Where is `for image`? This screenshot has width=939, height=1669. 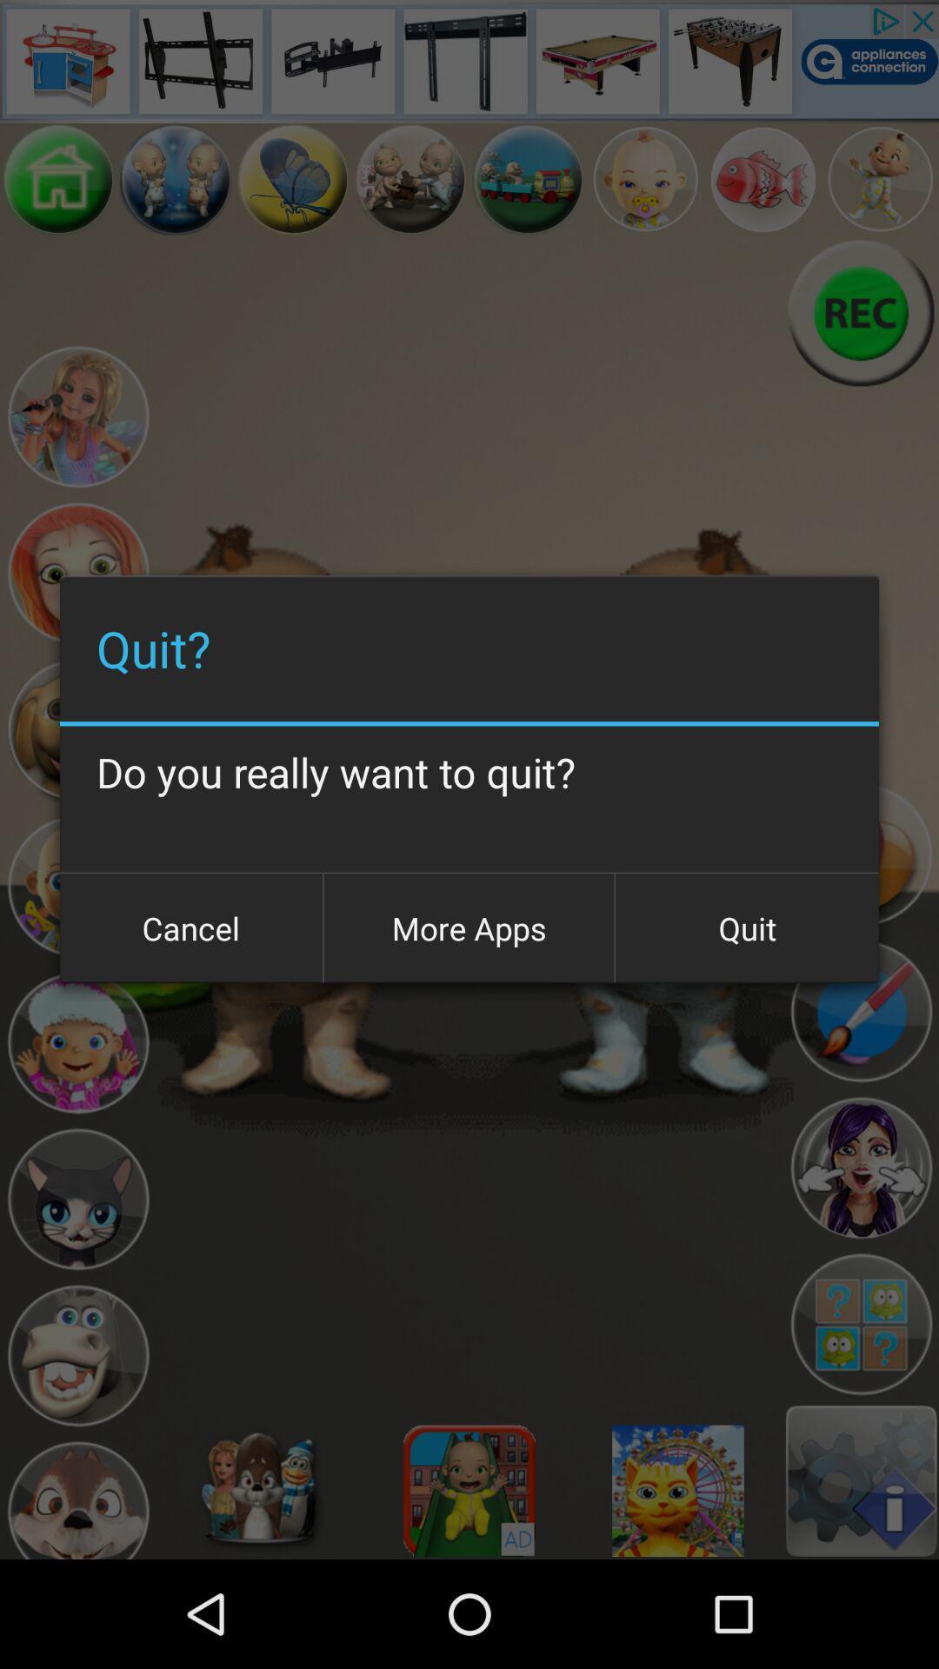
for image is located at coordinates (762, 179).